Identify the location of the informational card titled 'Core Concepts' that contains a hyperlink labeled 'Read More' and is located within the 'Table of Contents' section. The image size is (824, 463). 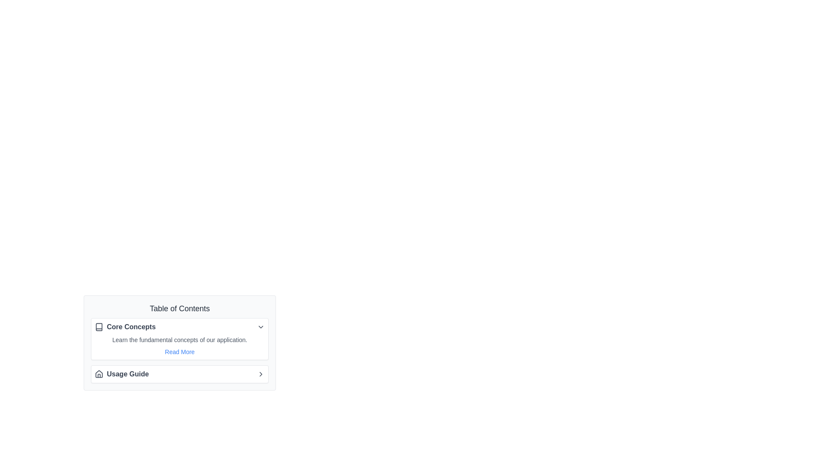
(179, 350).